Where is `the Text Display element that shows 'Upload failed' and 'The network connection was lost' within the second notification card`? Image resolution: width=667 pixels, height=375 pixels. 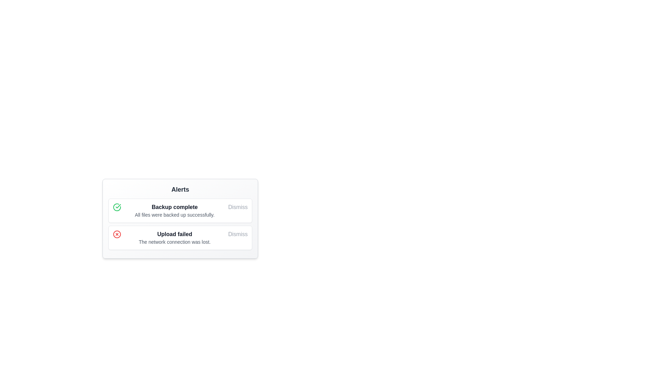
the Text Display element that shows 'Upload failed' and 'The network connection was lost' within the second notification card is located at coordinates (175, 237).